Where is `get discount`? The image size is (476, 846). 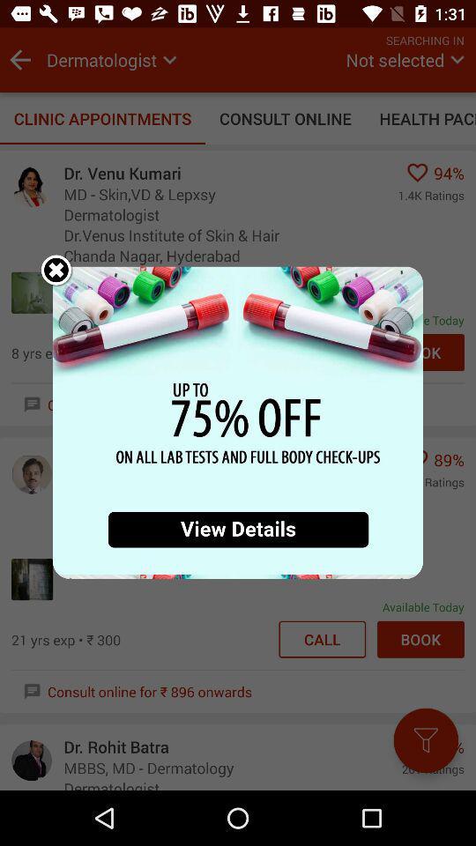
get discount is located at coordinates (238, 422).